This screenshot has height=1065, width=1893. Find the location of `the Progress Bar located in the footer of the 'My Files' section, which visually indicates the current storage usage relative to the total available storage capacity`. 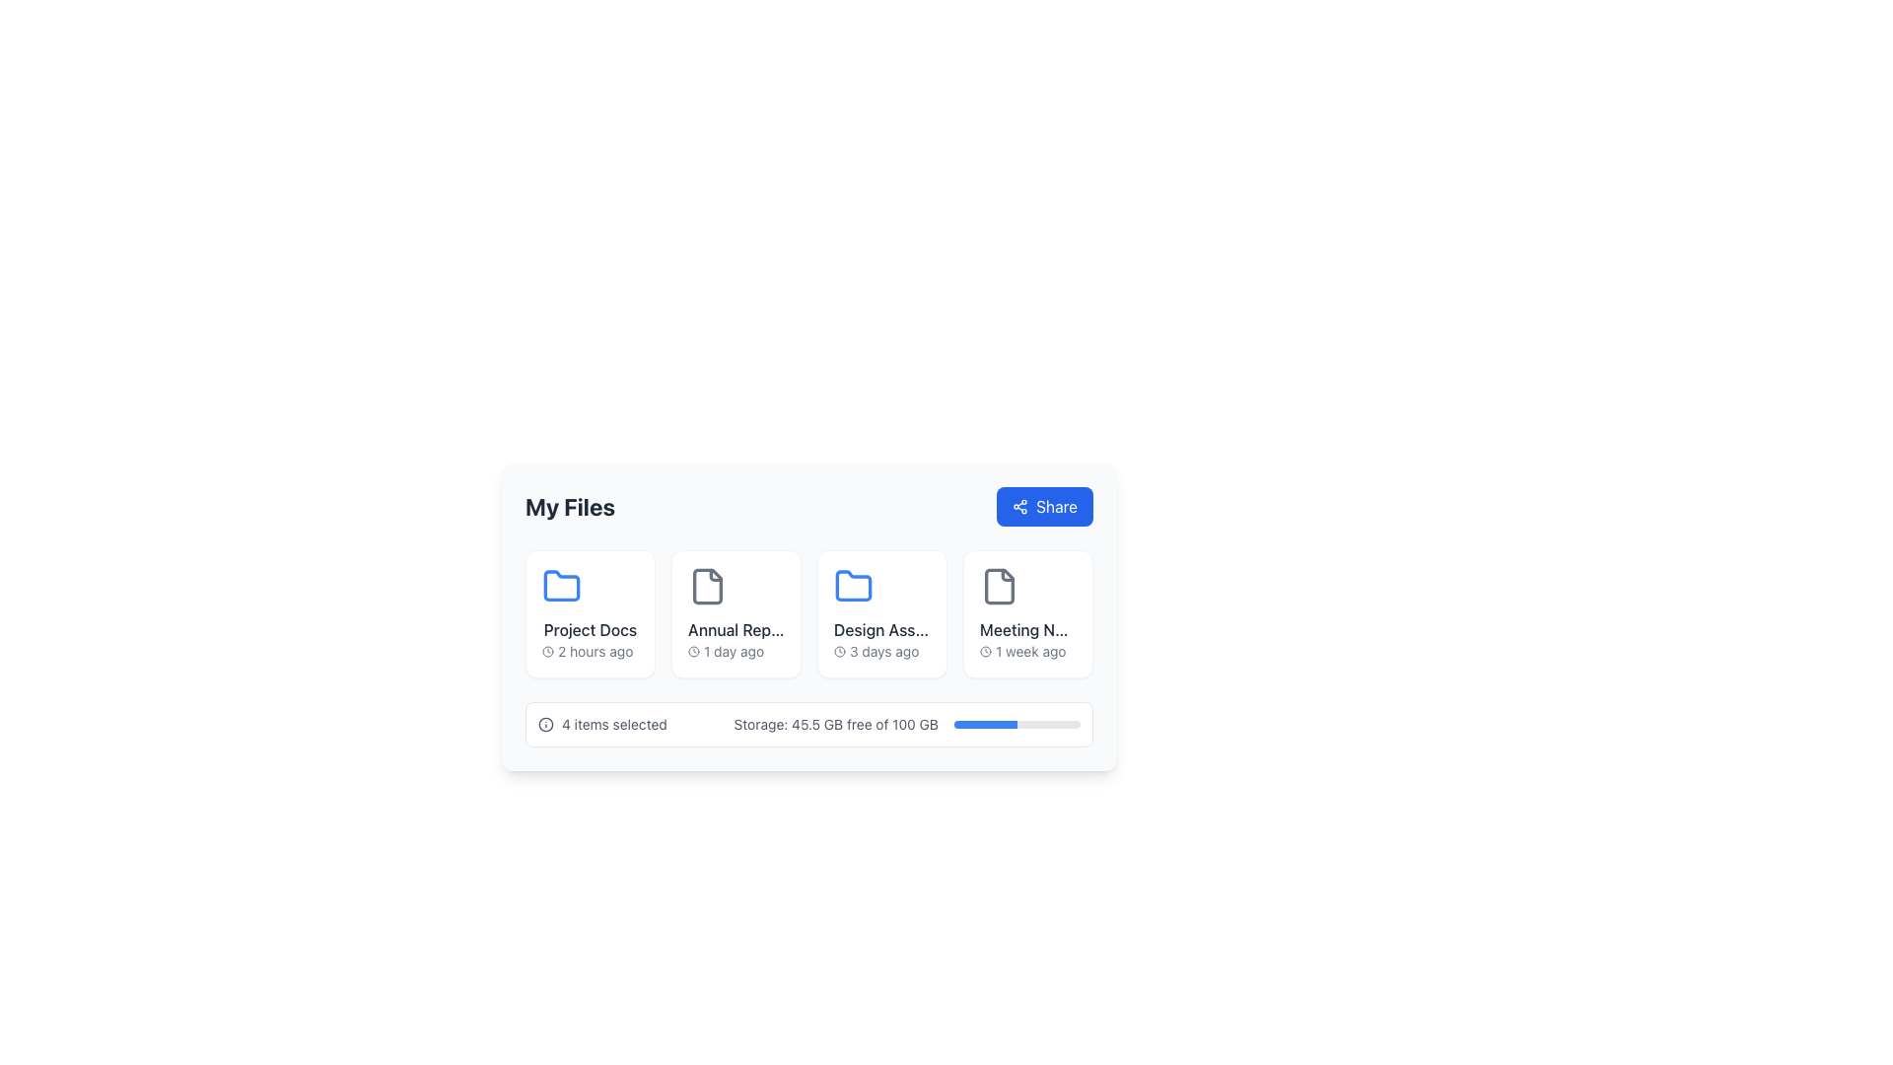

the Progress Bar located in the footer of the 'My Files' section, which visually indicates the current storage usage relative to the total available storage capacity is located at coordinates (1017, 725).